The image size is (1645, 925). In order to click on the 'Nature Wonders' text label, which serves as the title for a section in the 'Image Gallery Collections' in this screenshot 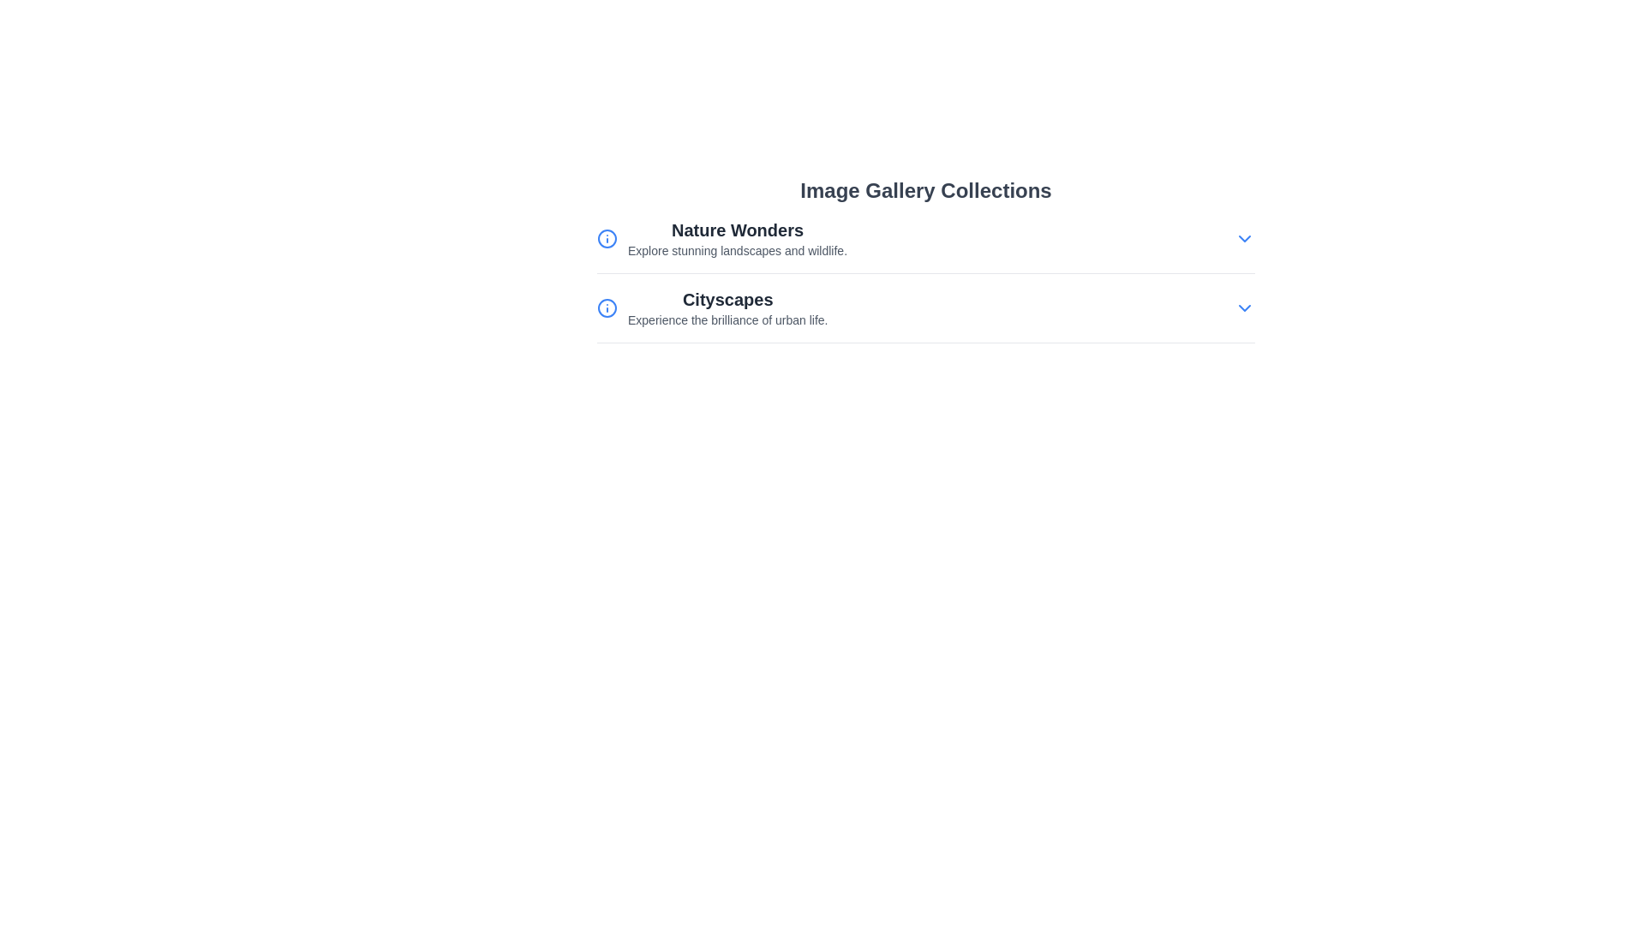, I will do `click(737, 230)`.